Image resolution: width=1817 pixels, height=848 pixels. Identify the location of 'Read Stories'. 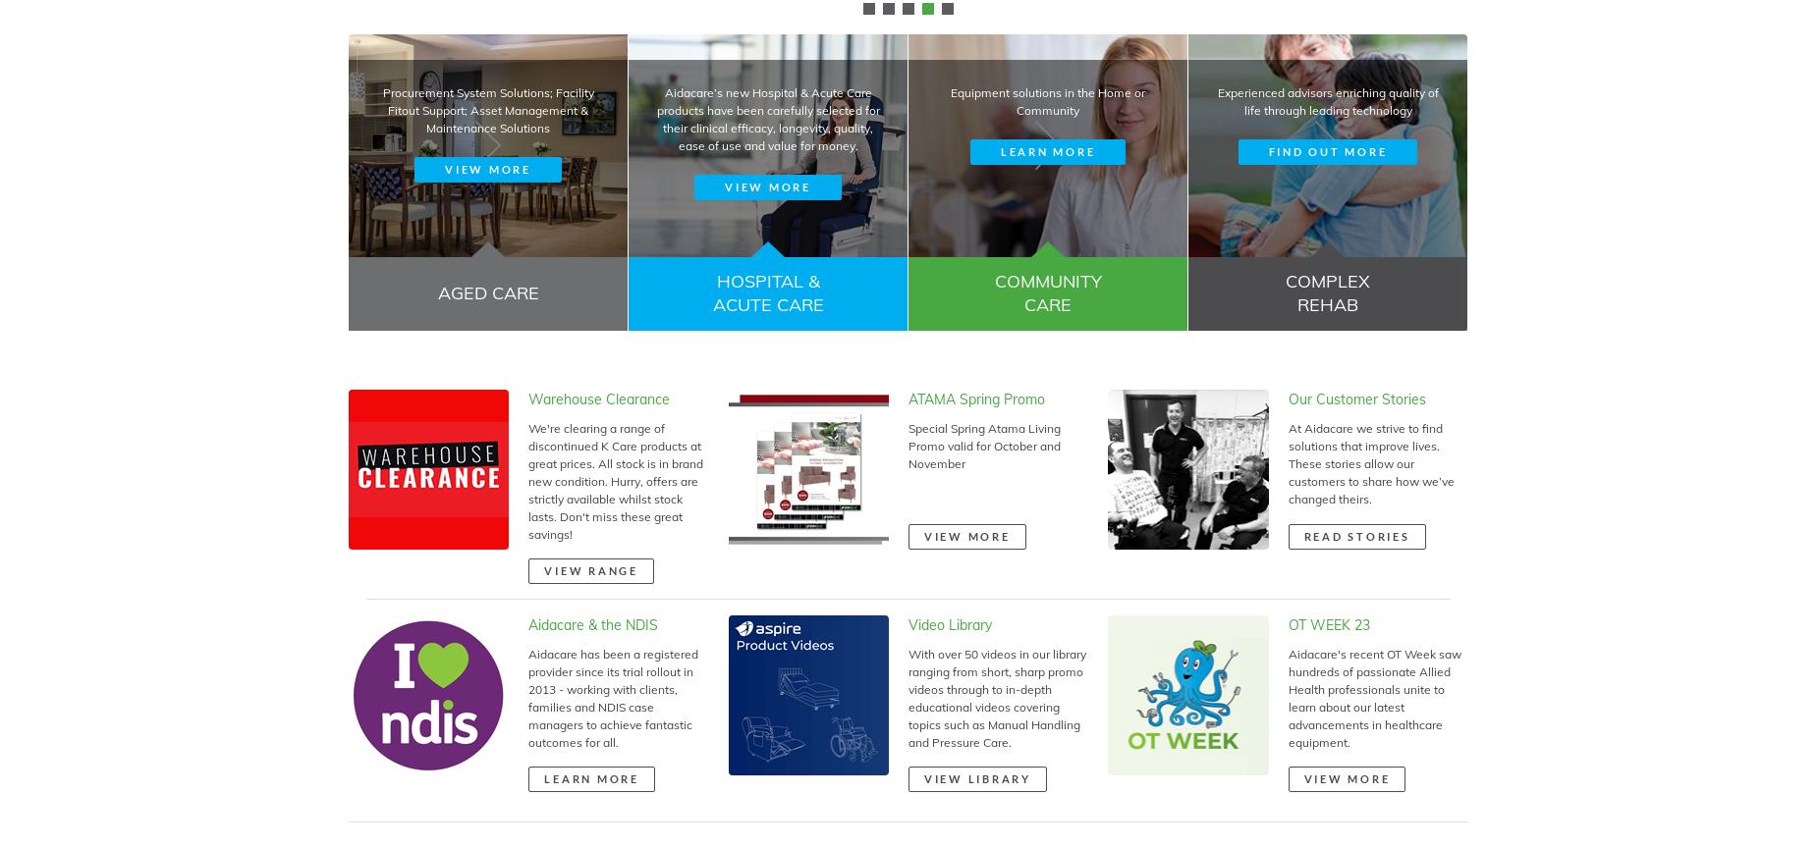
(1355, 535).